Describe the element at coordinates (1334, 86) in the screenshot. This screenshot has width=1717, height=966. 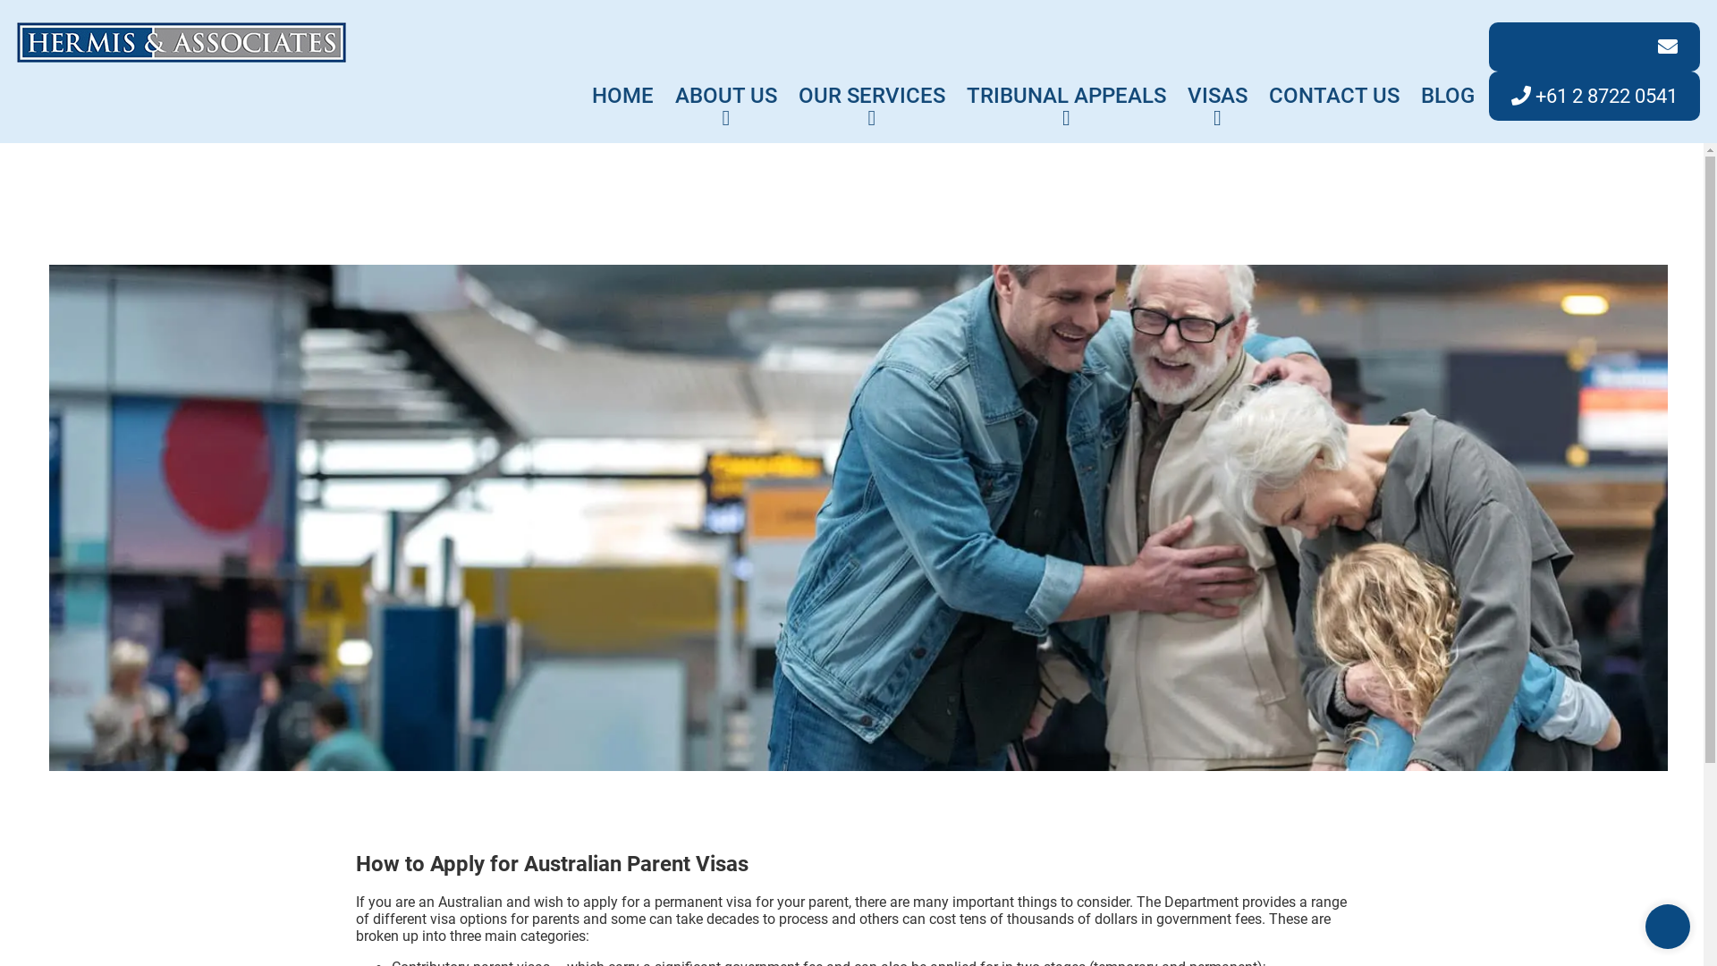
I see `'CONTACT US'` at that location.